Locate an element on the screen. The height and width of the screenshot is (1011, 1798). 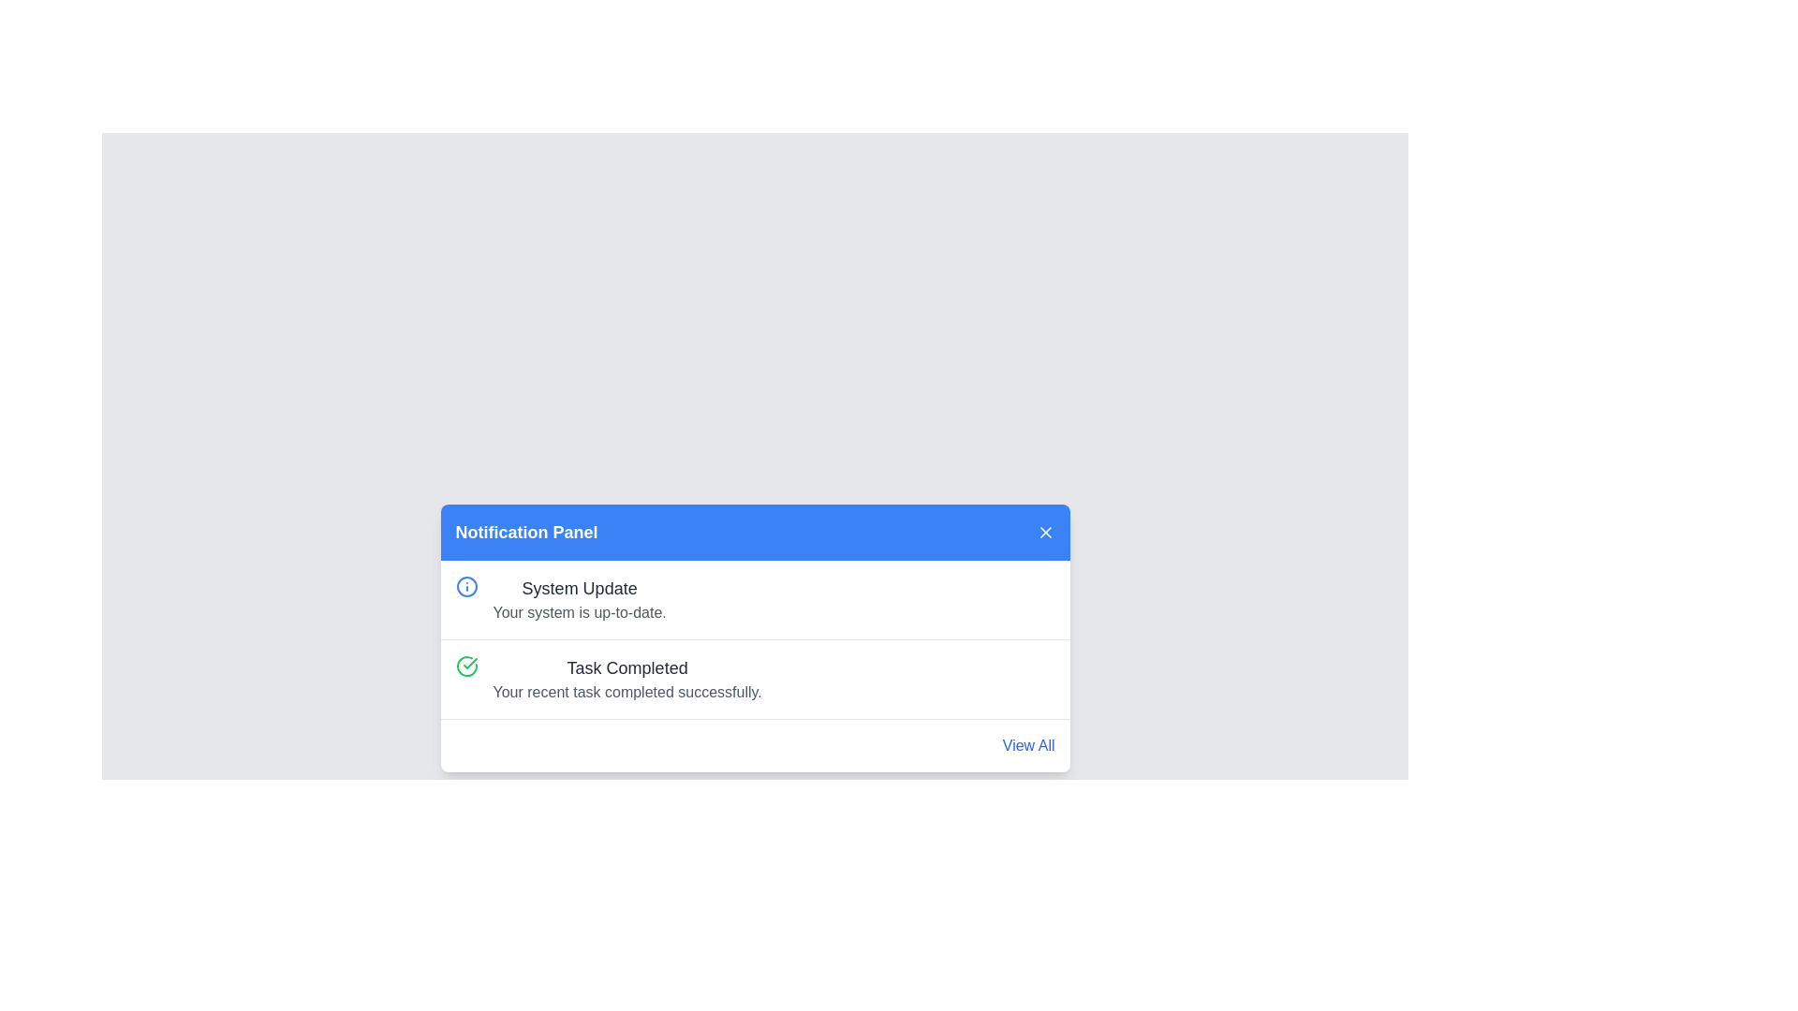
the static Text Label that identifies the purpose of the notification panel, located at the top-left of the blue header bar is located at coordinates (525, 533).